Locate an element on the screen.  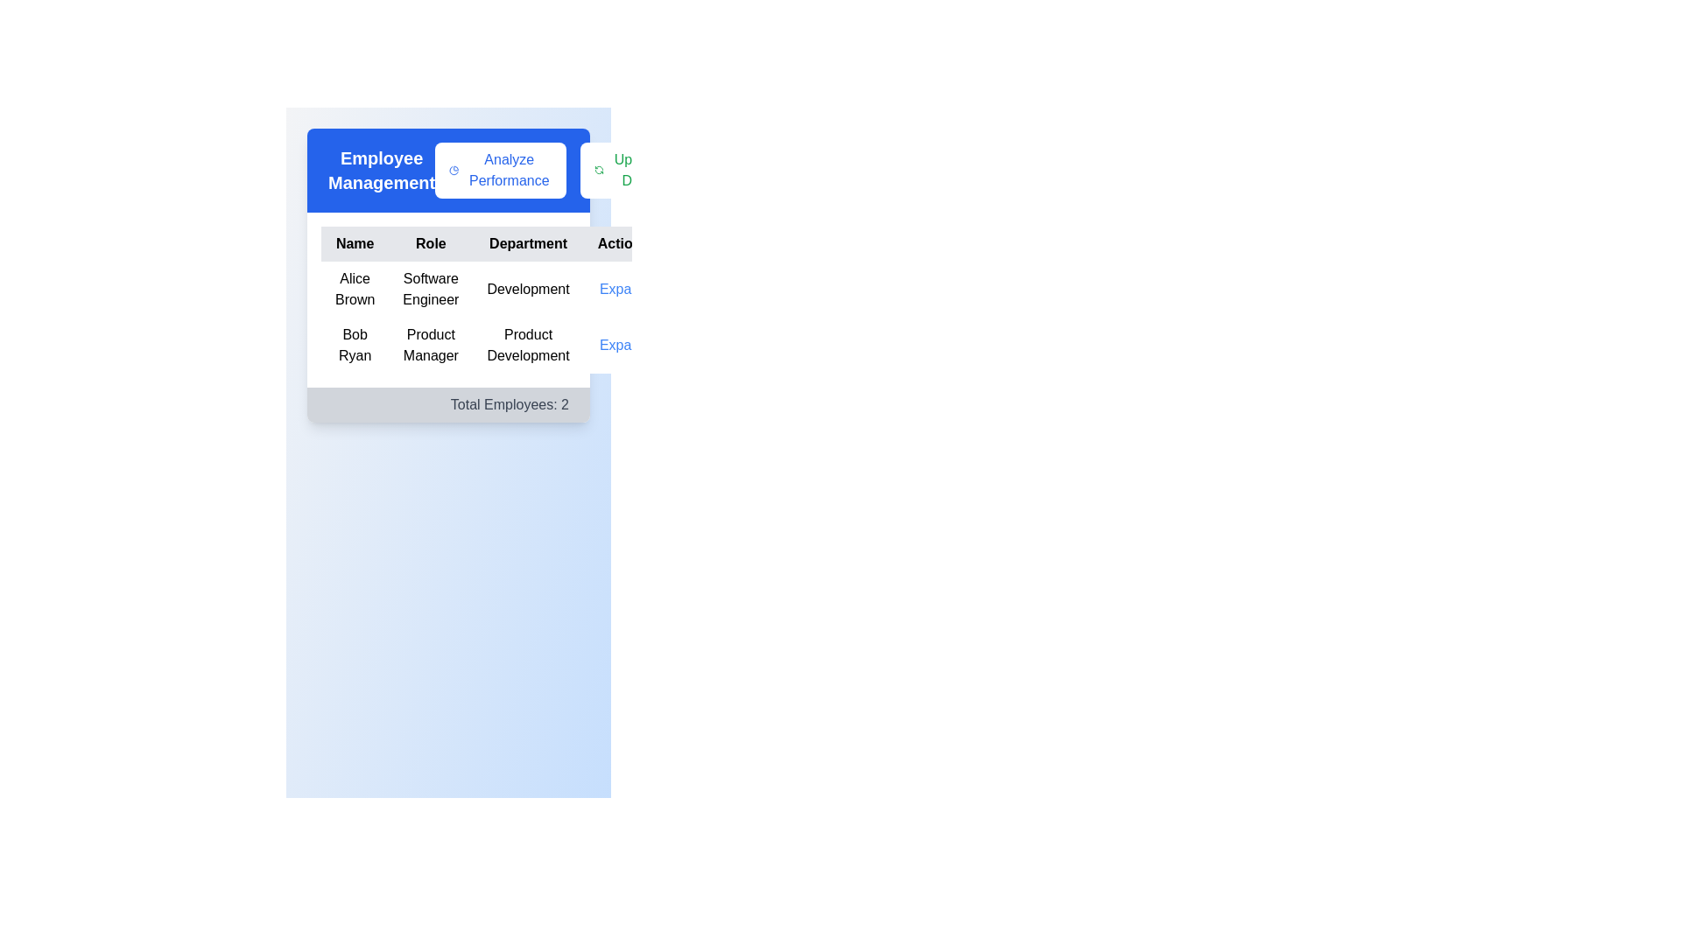
the rows of the Employee Management table is located at coordinates (448, 299).